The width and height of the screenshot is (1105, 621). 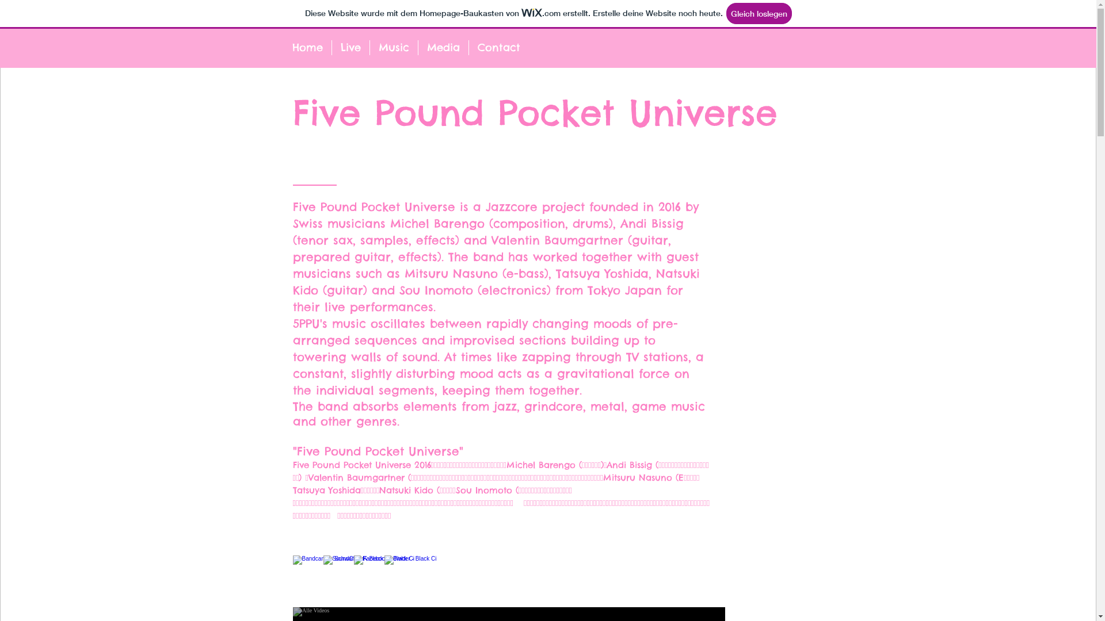 I want to click on 'Media', so click(x=442, y=47).